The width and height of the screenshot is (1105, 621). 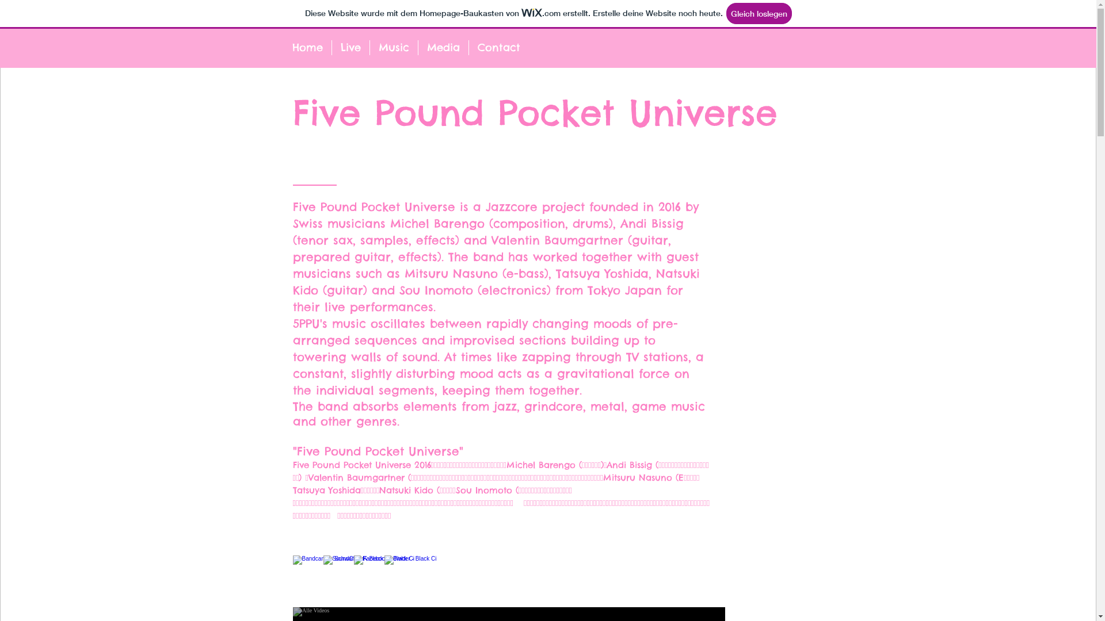 I want to click on 'Media', so click(x=442, y=47).